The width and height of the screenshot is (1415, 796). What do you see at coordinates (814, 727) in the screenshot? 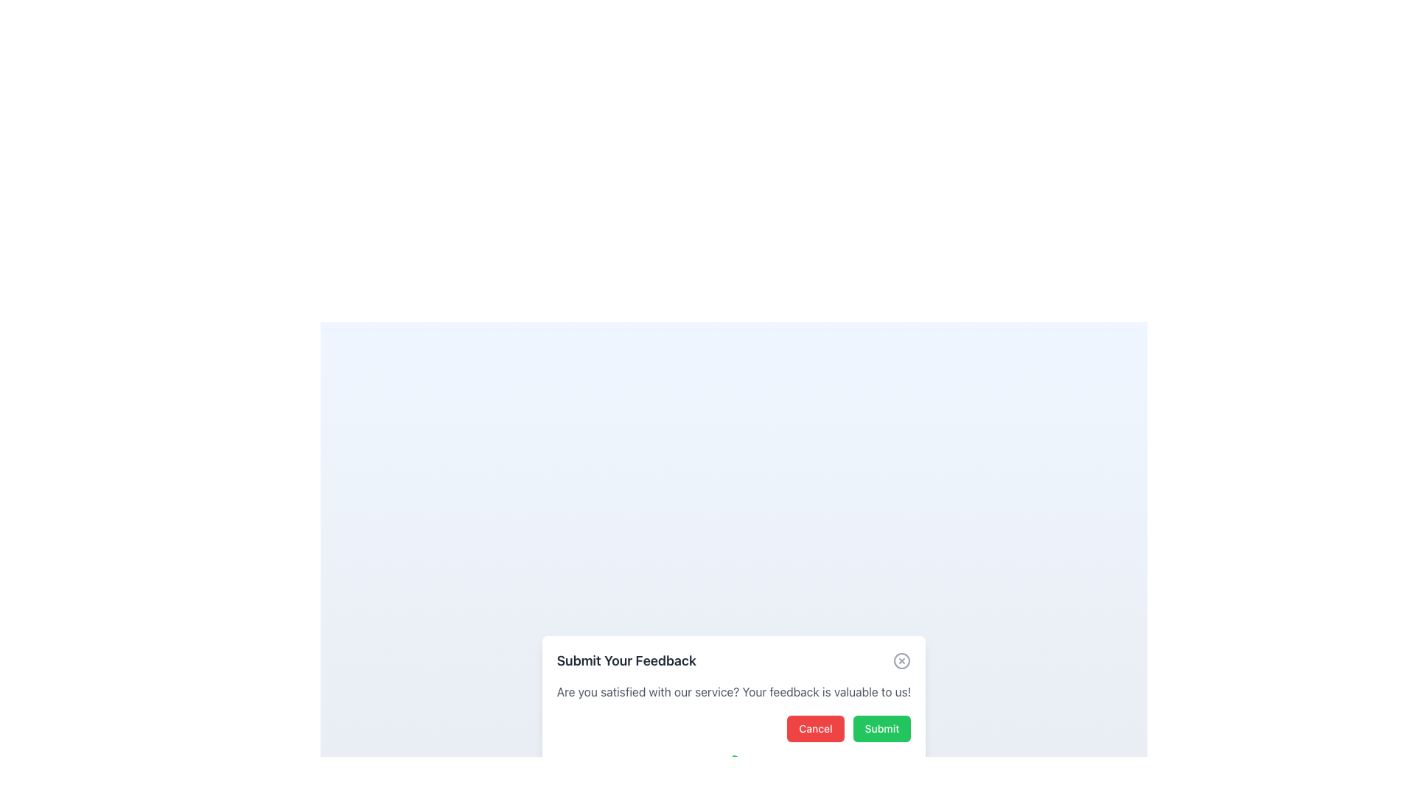
I see `the red 'Cancel' button with white text` at bounding box center [814, 727].